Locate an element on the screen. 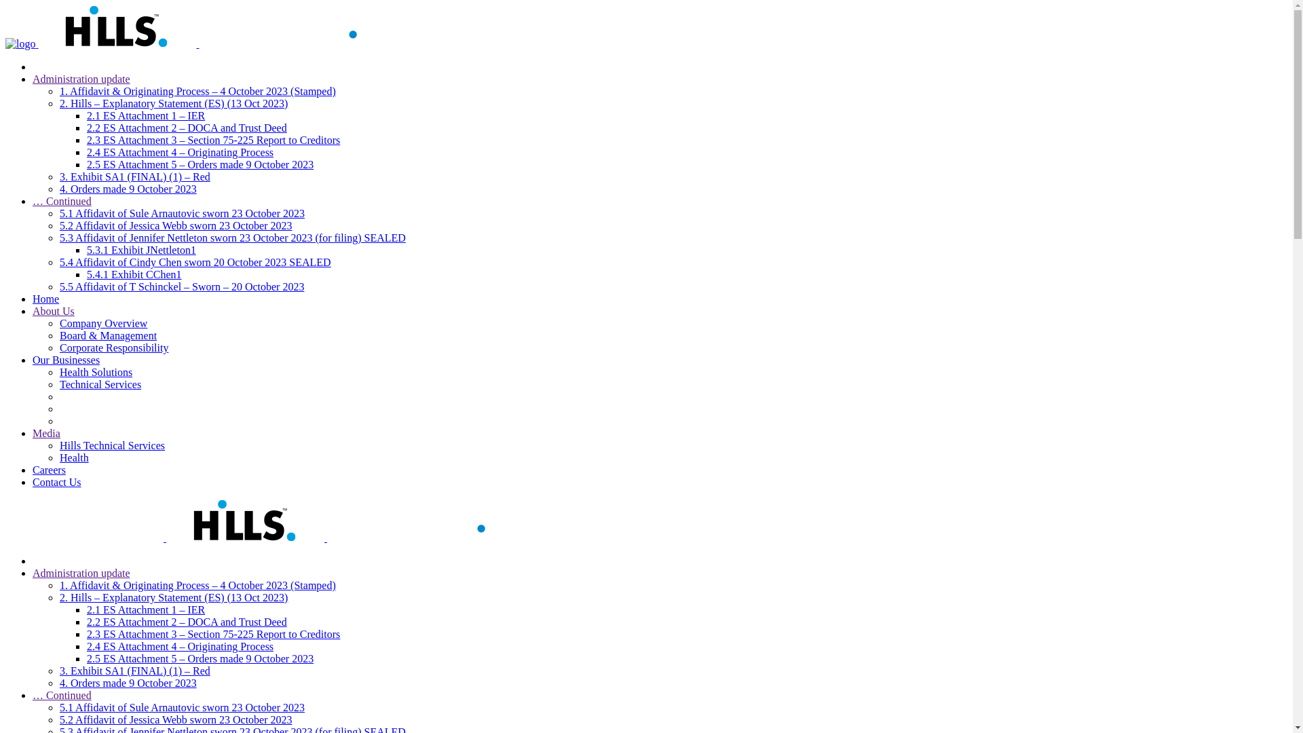 The image size is (1303, 733). '5.4.1 Exhibit CChen1' is located at coordinates (134, 274).